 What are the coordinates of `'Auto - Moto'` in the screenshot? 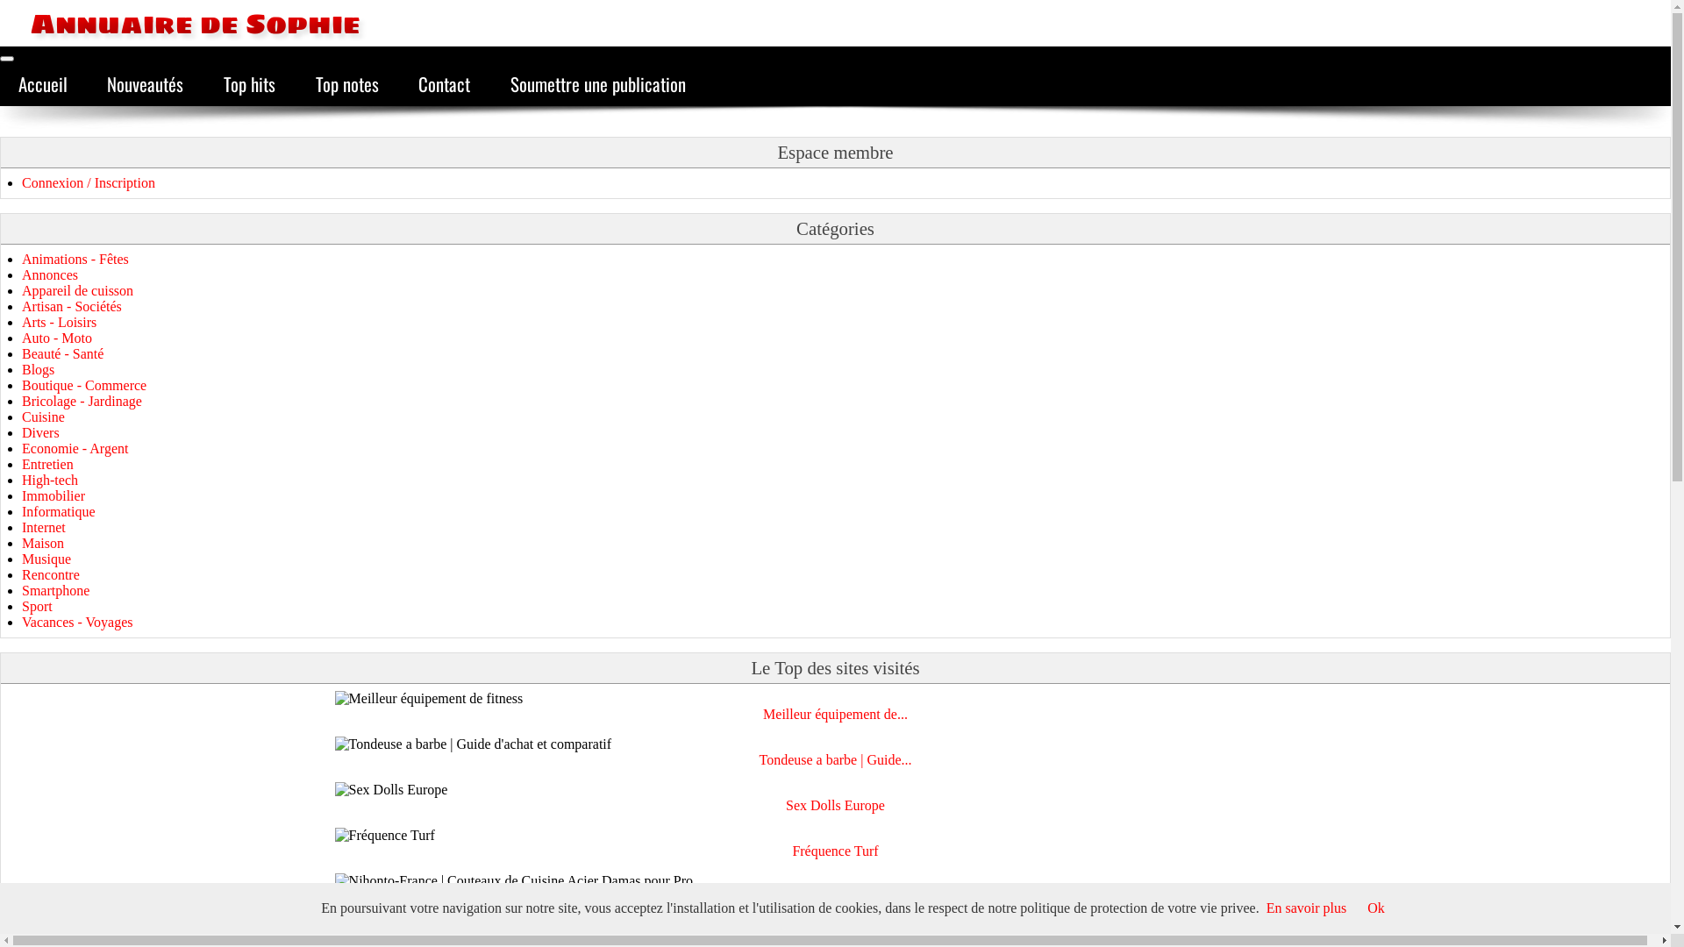 It's located at (57, 338).